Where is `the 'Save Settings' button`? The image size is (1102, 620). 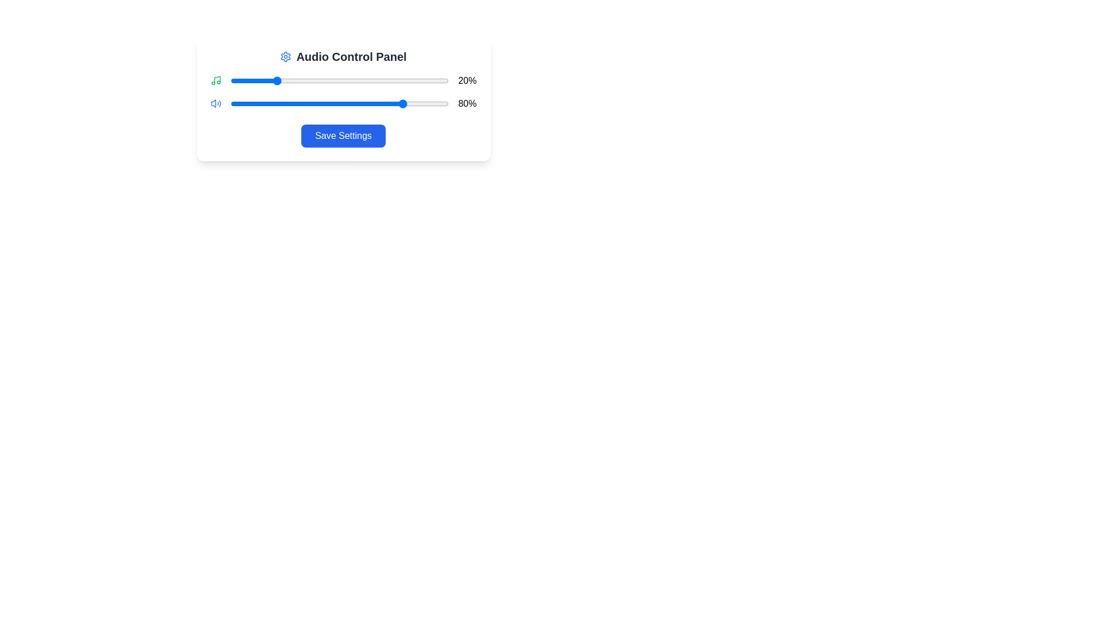 the 'Save Settings' button is located at coordinates (343, 135).